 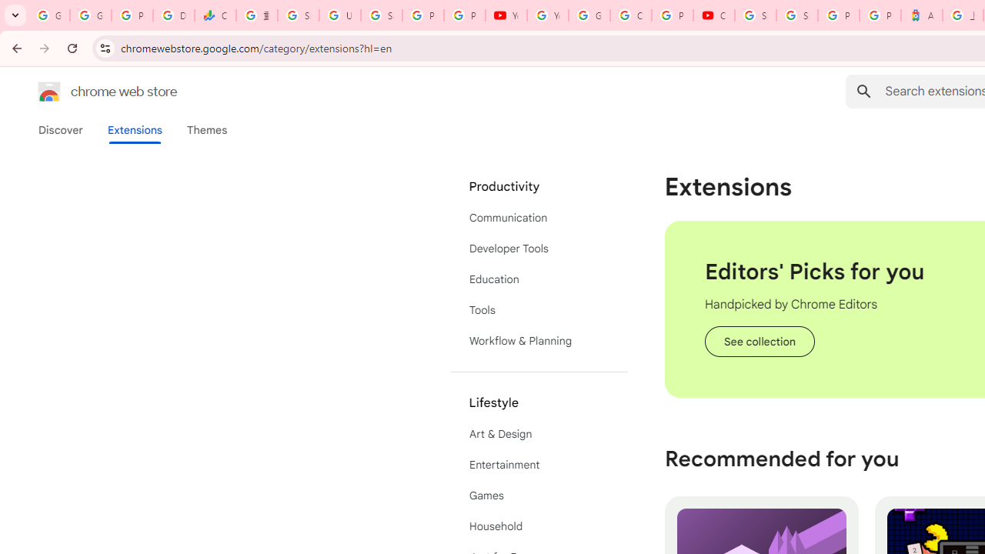 What do you see at coordinates (49, 15) in the screenshot?
I see `'Google Workspace Admin Community'` at bounding box center [49, 15].